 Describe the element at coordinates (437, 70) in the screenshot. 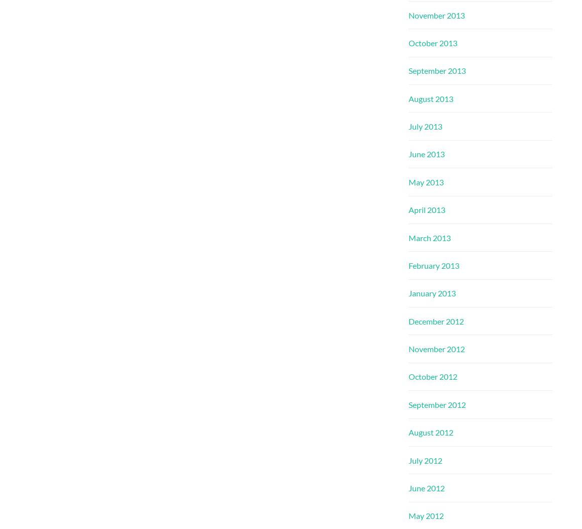

I see `'September 2013'` at that location.